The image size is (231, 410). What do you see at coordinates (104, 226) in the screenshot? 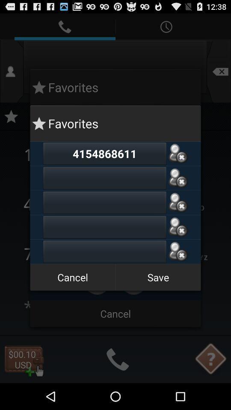
I see `phone number` at bounding box center [104, 226].